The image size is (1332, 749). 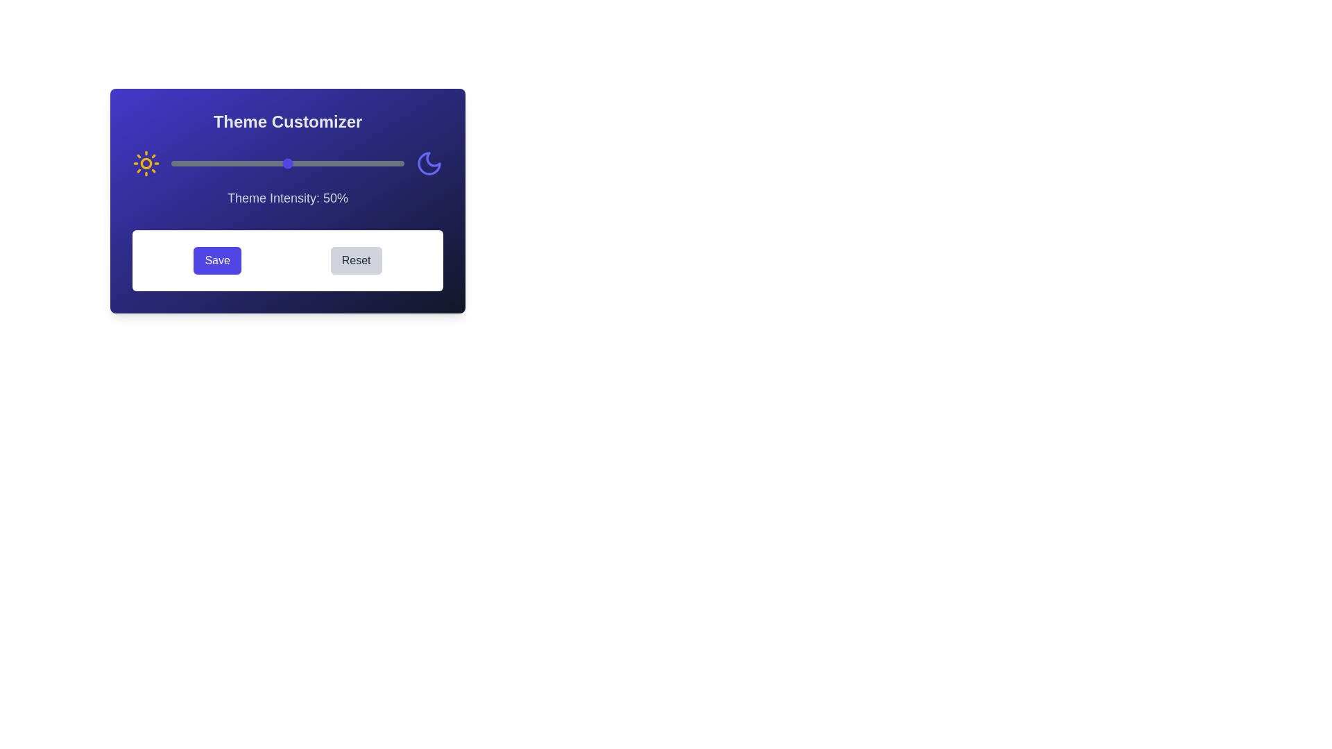 I want to click on 'Save' button to save the current settings, so click(x=216, y=260).